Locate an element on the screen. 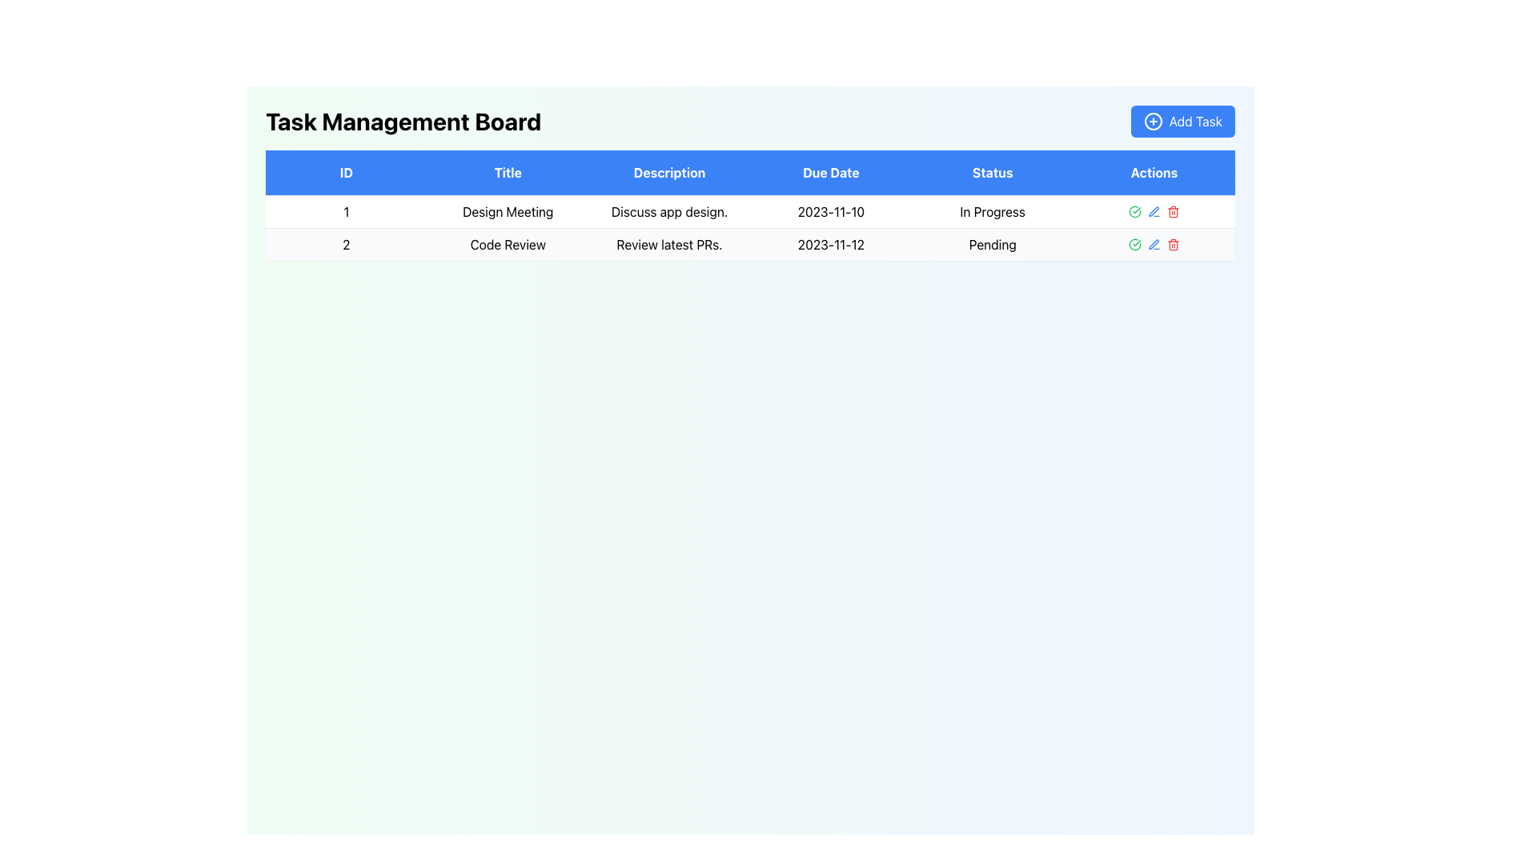  the text label displaying the due date for the task 'Code Review' in the 'Due Date' column of the 'Task Management Board' is located at coordinates (831, 244).